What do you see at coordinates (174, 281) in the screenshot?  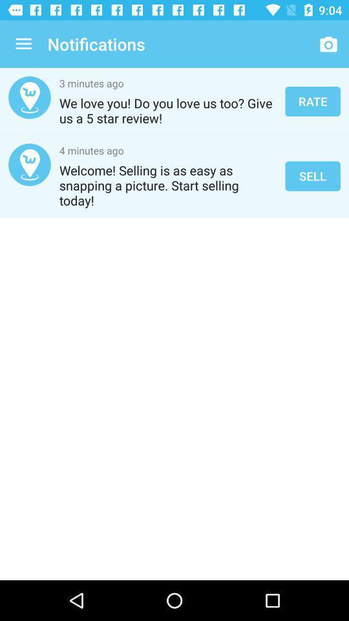 I see `the item at the center` at bounding box center [174, 281].